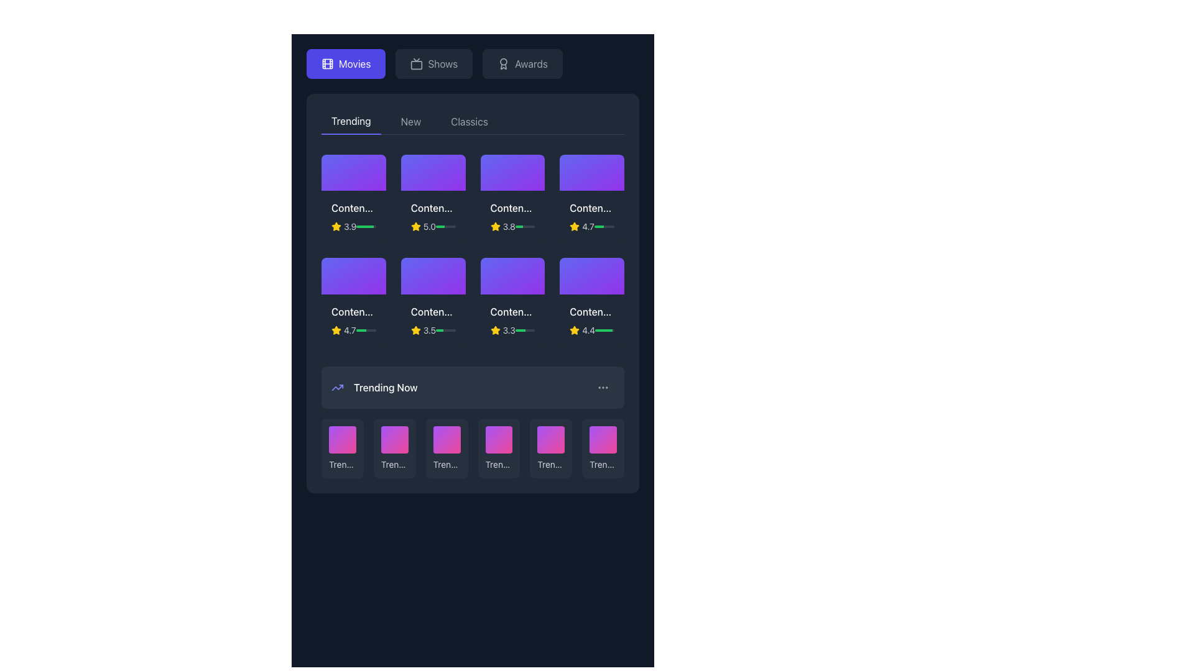  Describe the element at coordinates (447, 448) in the screenshot. I see `the third list item labeled 'Trending #3'` at that location.